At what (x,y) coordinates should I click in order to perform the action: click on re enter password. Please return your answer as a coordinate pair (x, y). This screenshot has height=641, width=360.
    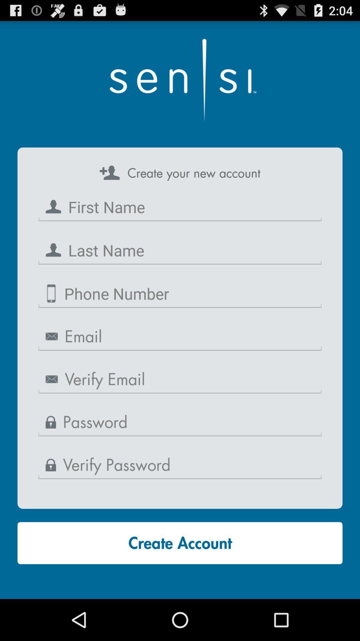
    Looking at the image, I should click on (180, 465).